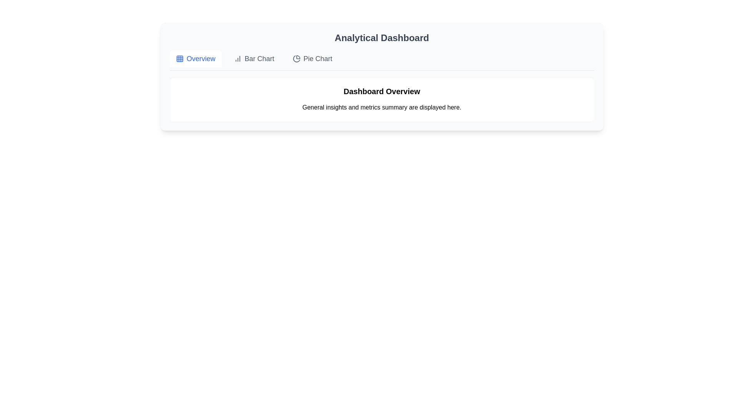  What do you see at coordinates (312, 58) in the screenshot?
I see `the 'Pie Chart' tab in the navigation bar` at bounding box center [312, 58].